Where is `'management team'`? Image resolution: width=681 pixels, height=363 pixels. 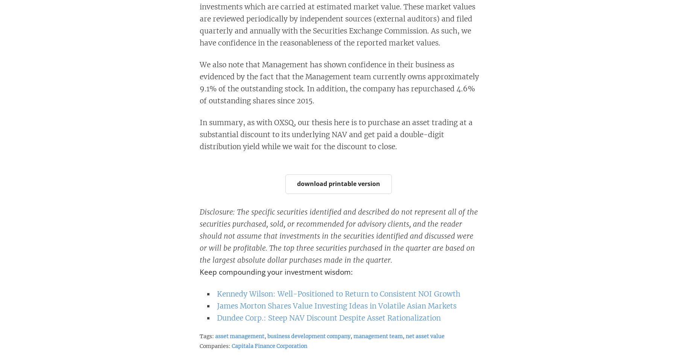 'management team' is located at coordinates (353, 336).